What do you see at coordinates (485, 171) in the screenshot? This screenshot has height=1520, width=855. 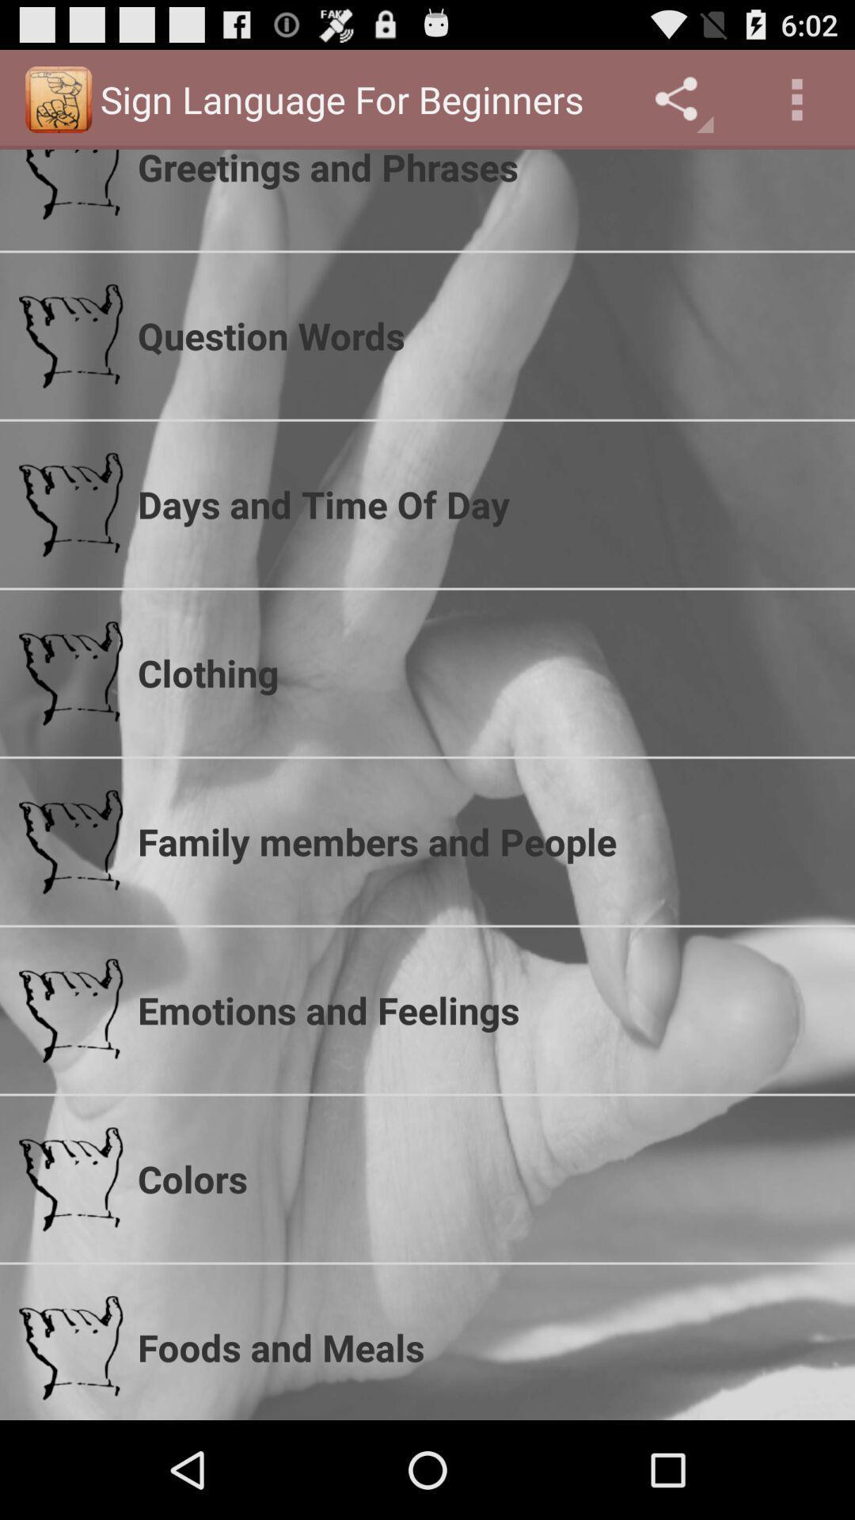 I see `the greetings and phrases item` at bounding box center [485, 171].